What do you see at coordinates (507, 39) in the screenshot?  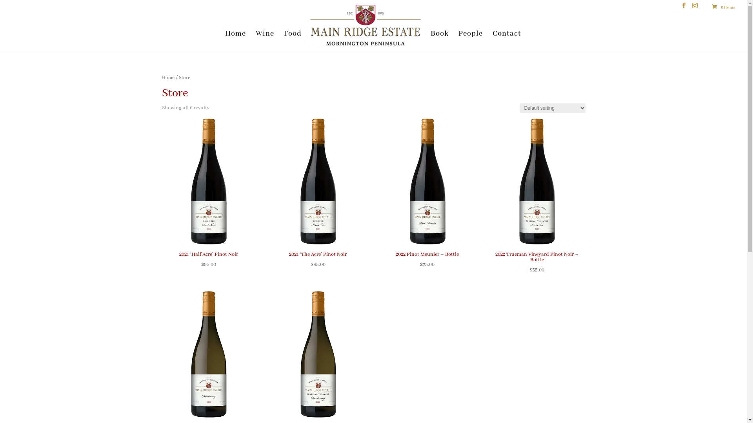 I see `'Contact'` at bounding box center [507, 39].